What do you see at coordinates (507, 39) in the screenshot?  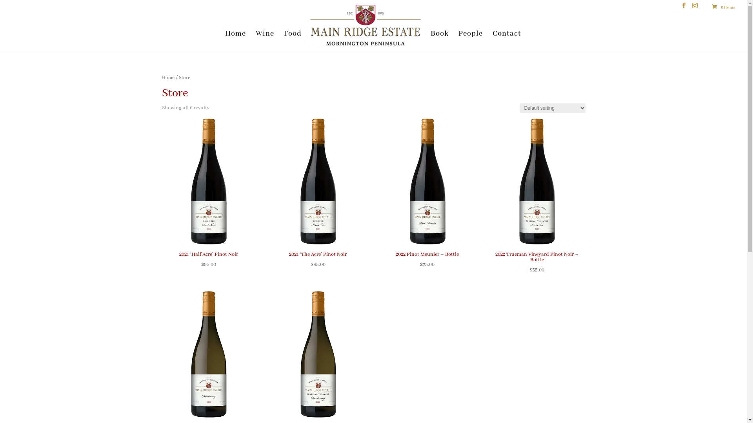 I see `'Contact'` at bounding box center [507, 39].